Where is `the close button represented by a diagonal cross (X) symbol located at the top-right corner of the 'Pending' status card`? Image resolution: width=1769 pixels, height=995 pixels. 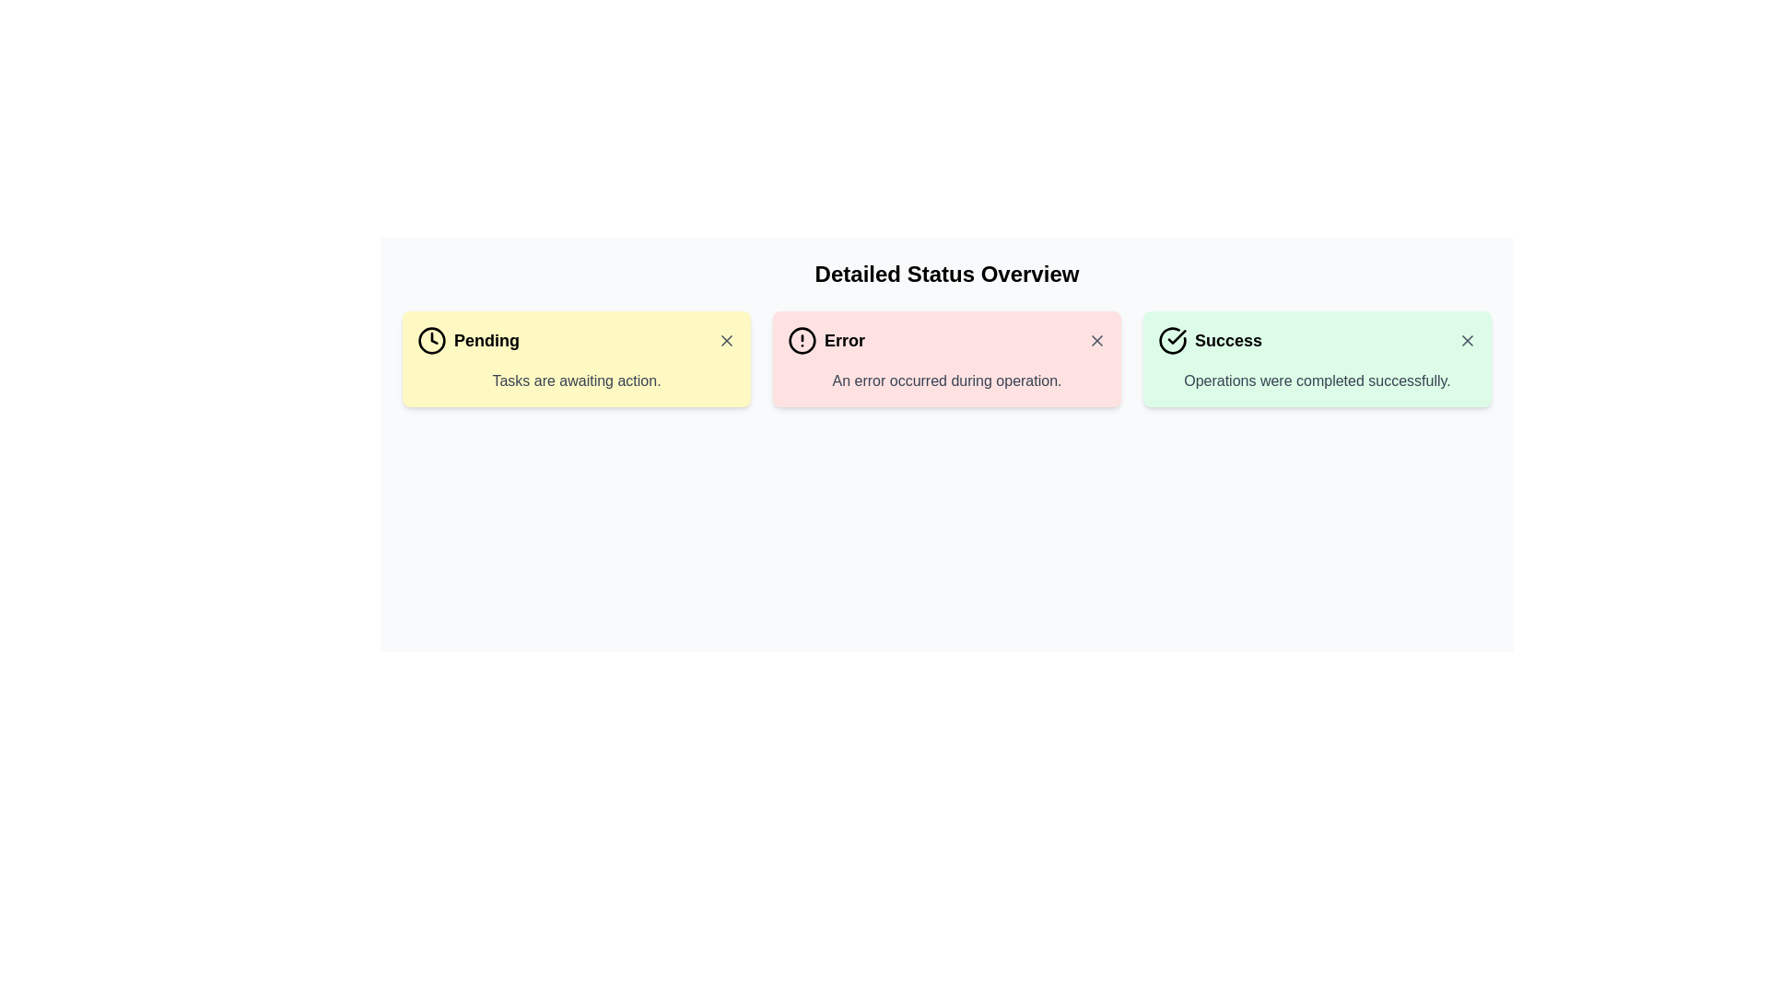 the close button represented by a diagonal cross (X) symbol located at the top-right corner of the 'Pending' status card is located at coordinates (725, 341).